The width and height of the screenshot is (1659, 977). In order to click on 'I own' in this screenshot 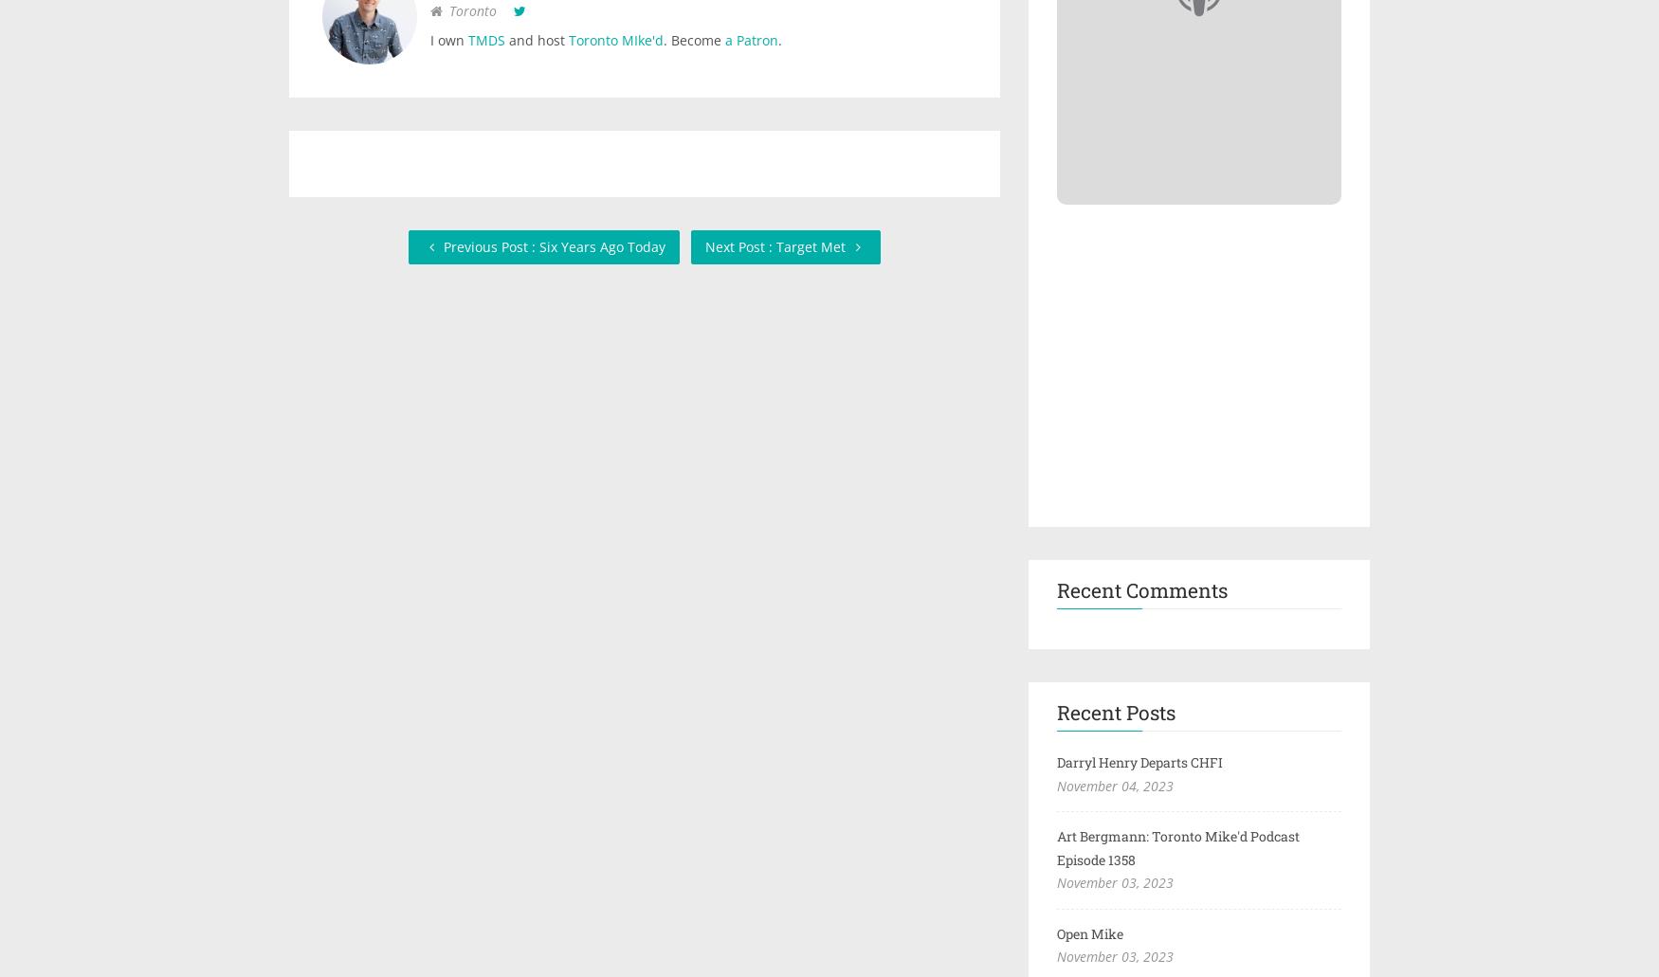, I will do `click(449, 40)`.